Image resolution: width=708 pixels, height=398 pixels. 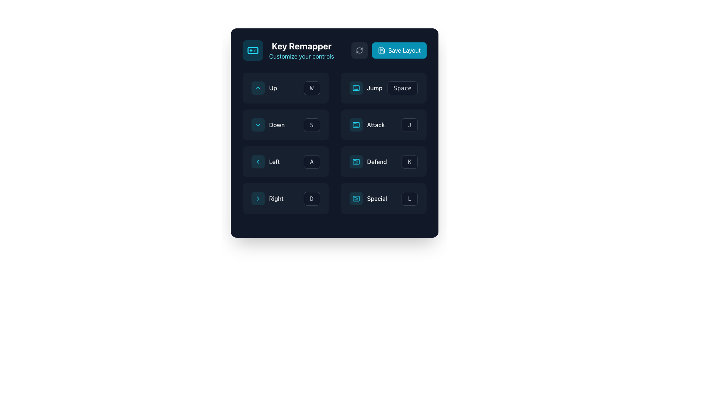 What do you see at coordinates (312, 125) in the screenshot?
I see `the 'Down' control button in the remapping interface` at bounding box center [312, 125].